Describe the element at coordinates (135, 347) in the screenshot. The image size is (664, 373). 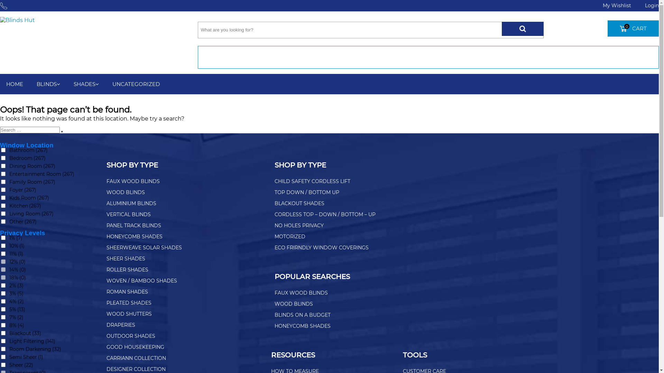
I see `'GOOD HOUSEKEEPING'` at that location.